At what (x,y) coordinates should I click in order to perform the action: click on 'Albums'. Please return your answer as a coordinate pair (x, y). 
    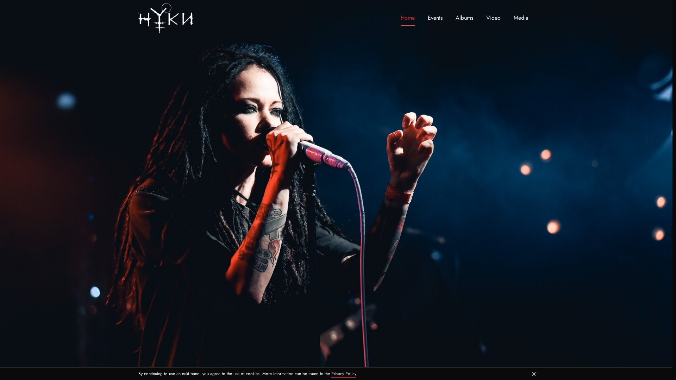
    Looking at the image, I should click on (464, 18).